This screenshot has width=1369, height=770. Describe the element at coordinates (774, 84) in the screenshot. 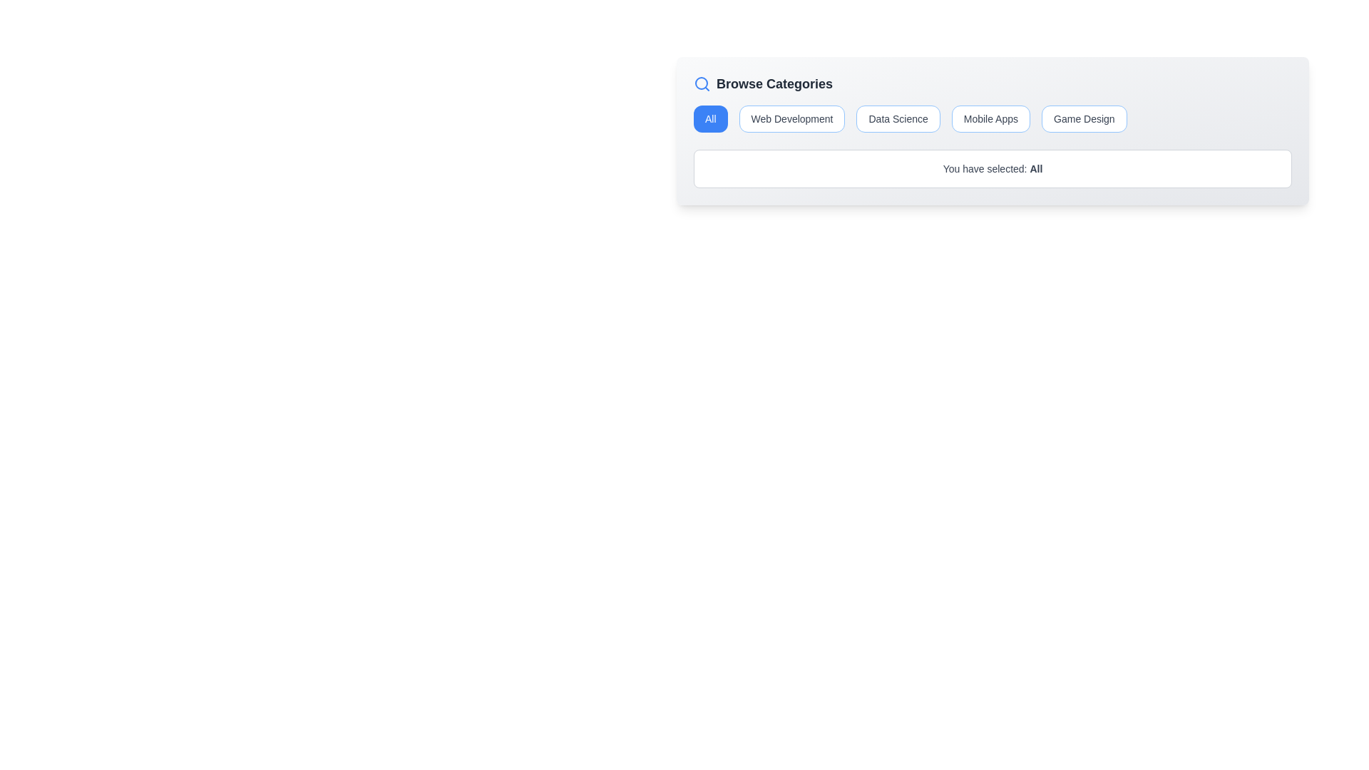

I see `the text label that serves as a heading or title for the section where users can browse different categories, positioned to the immediate right of a search icon` at that location.